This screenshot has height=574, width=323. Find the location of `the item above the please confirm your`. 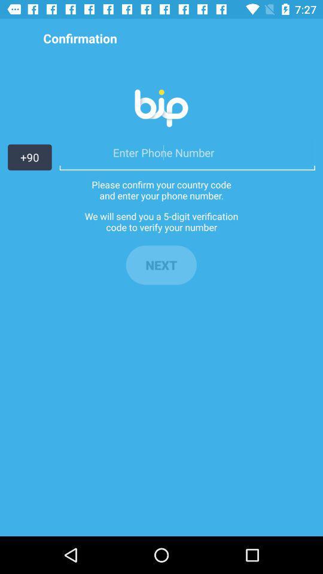

the item above the please confirm your is located at coordinates (187, 152).